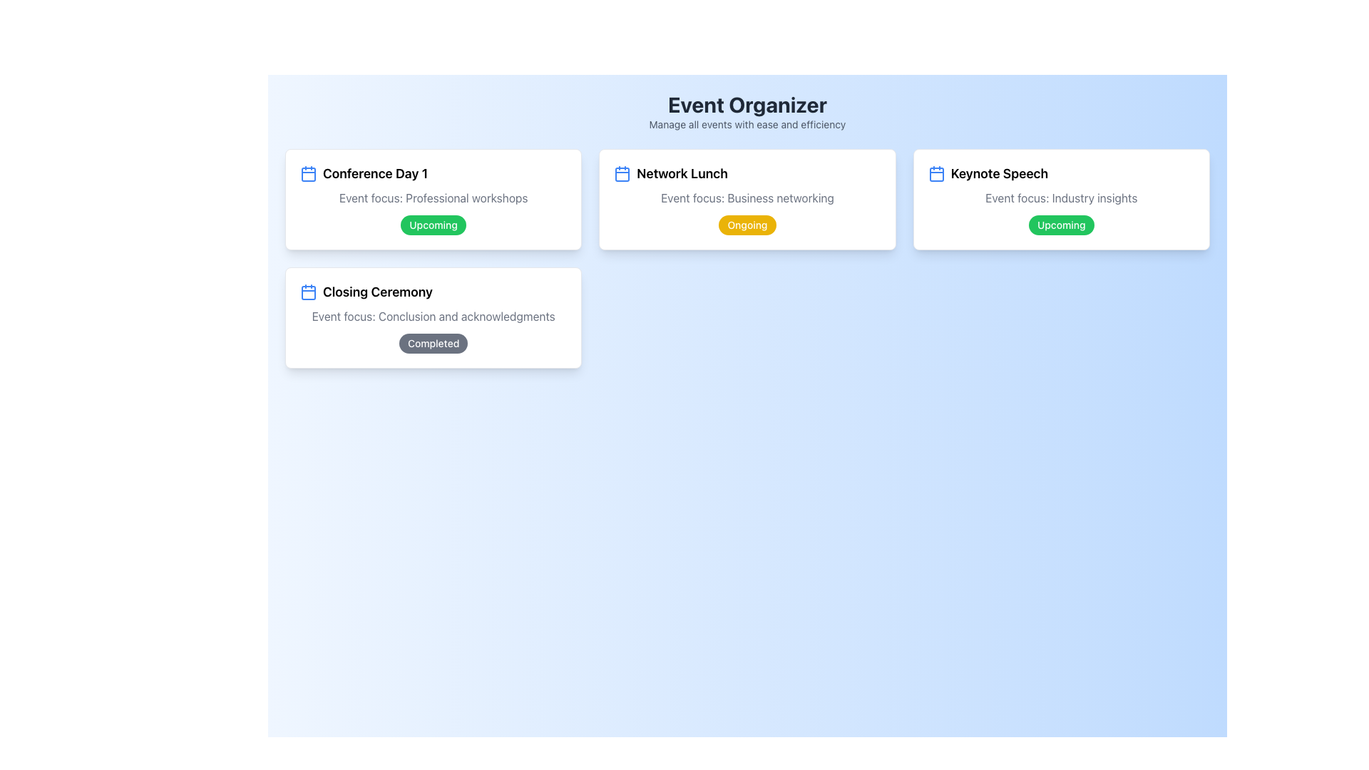 This screenshot has height=770, width=1369. I want to click on the Static Text Label that displays 'Event focus: Conclusion and acknowledgments.' located in the bottom left quadrant of the interface, beneath the 'Closing Ceremony' title, so click(433, 315).